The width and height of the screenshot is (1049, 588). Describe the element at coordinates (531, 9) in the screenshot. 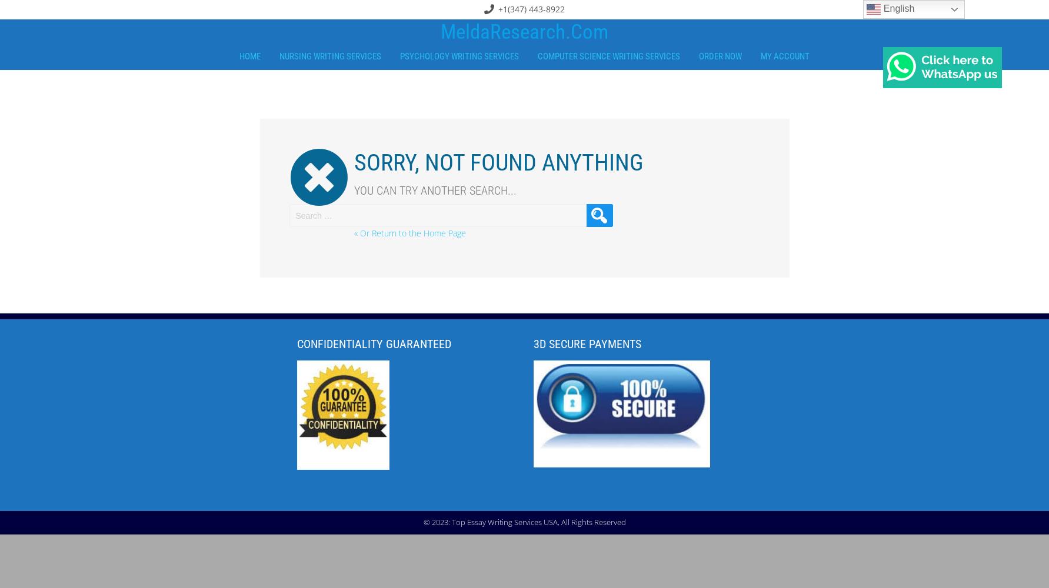

I see `'+1(347) 443-8922'` at that location.